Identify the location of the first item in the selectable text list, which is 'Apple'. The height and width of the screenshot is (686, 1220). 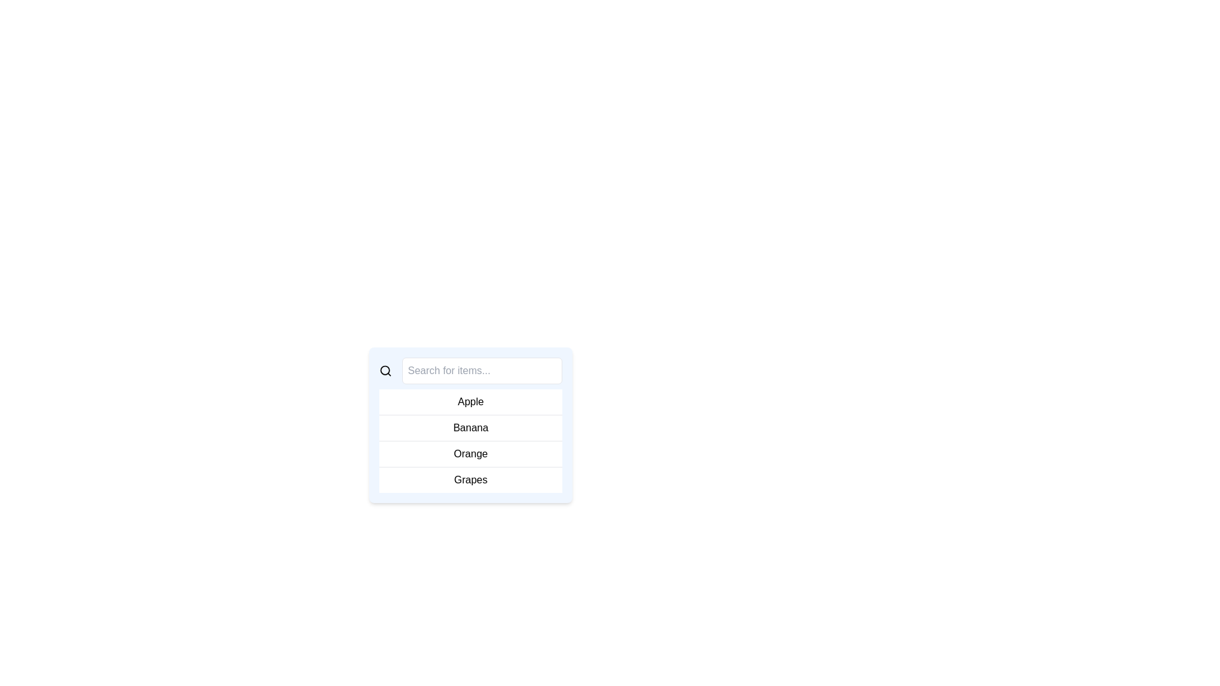
(470, 402).